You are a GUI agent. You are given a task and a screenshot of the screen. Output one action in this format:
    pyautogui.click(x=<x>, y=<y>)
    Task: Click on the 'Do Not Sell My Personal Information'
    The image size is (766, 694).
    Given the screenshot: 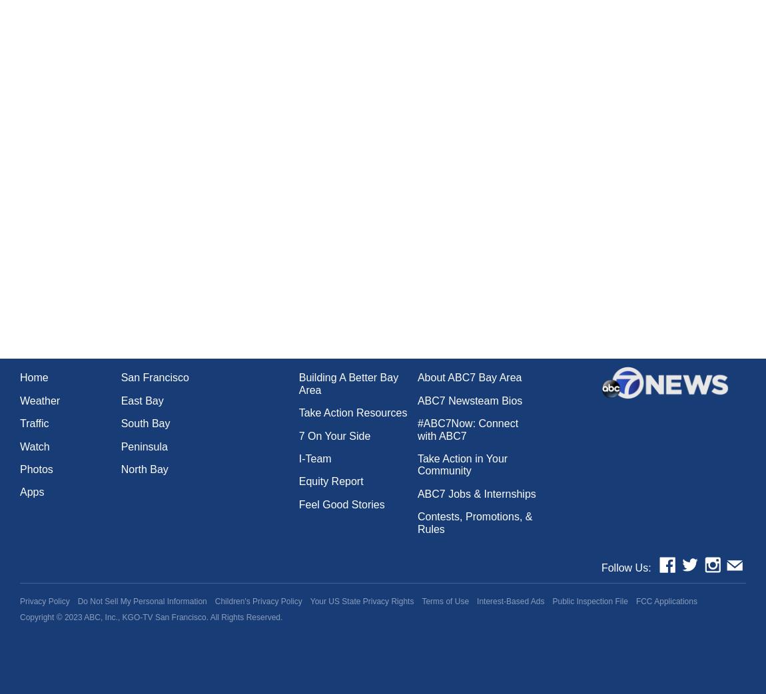 What is the action you would take?
    pyautogui.click(x=141, y=600)
    